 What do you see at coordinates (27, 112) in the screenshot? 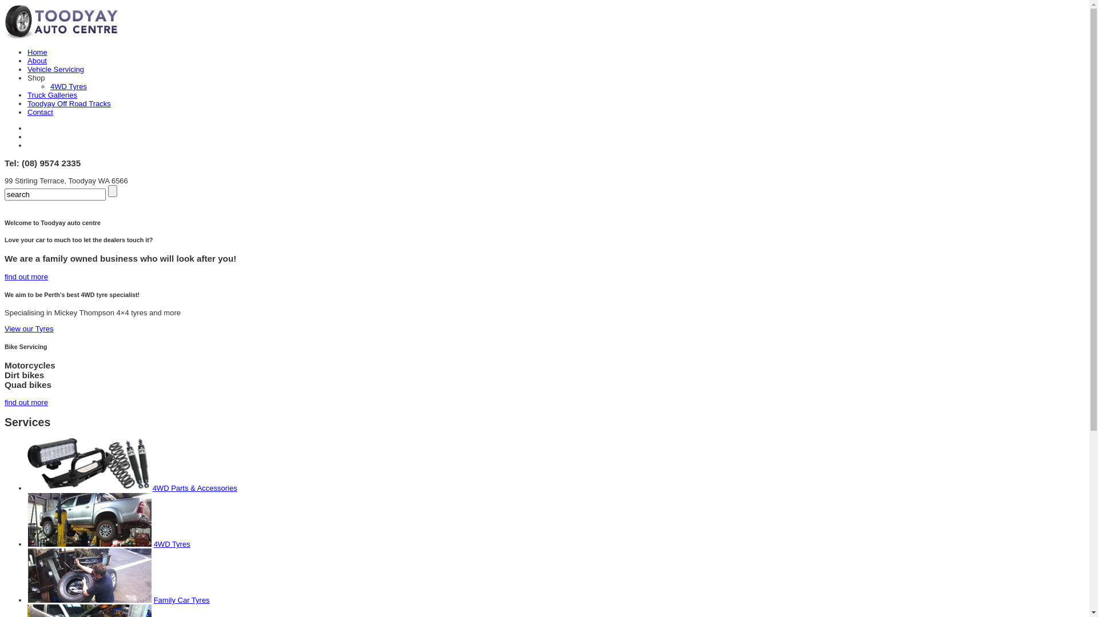
I see `'Contact'` at bounding box center [27, 112].